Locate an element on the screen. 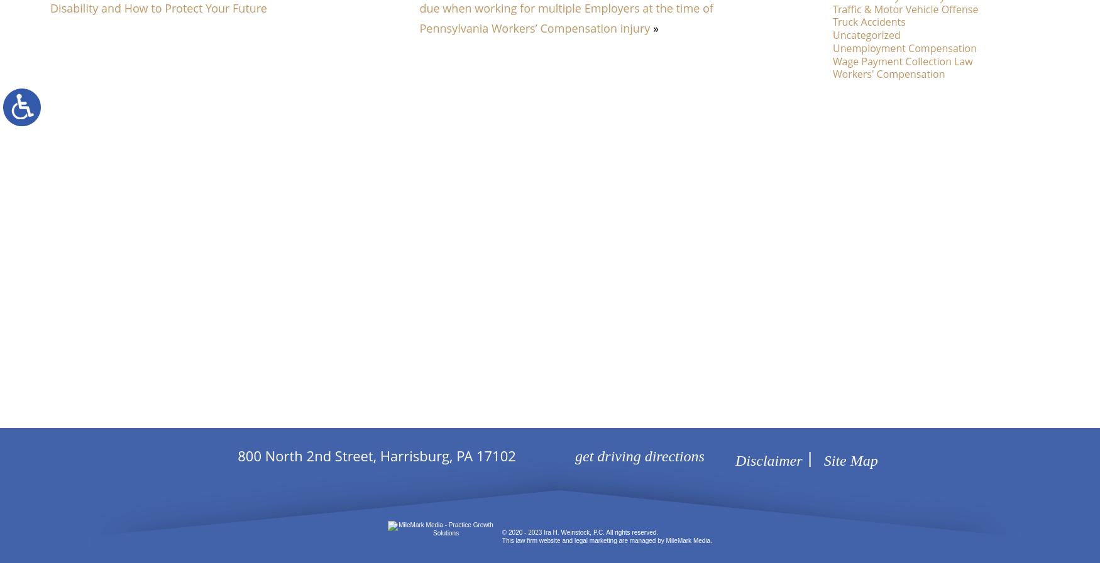  '© 2020 - 2023 Ira H. Weinstock, P.C. All rights reserved.' is located at coordinates (579, 532).